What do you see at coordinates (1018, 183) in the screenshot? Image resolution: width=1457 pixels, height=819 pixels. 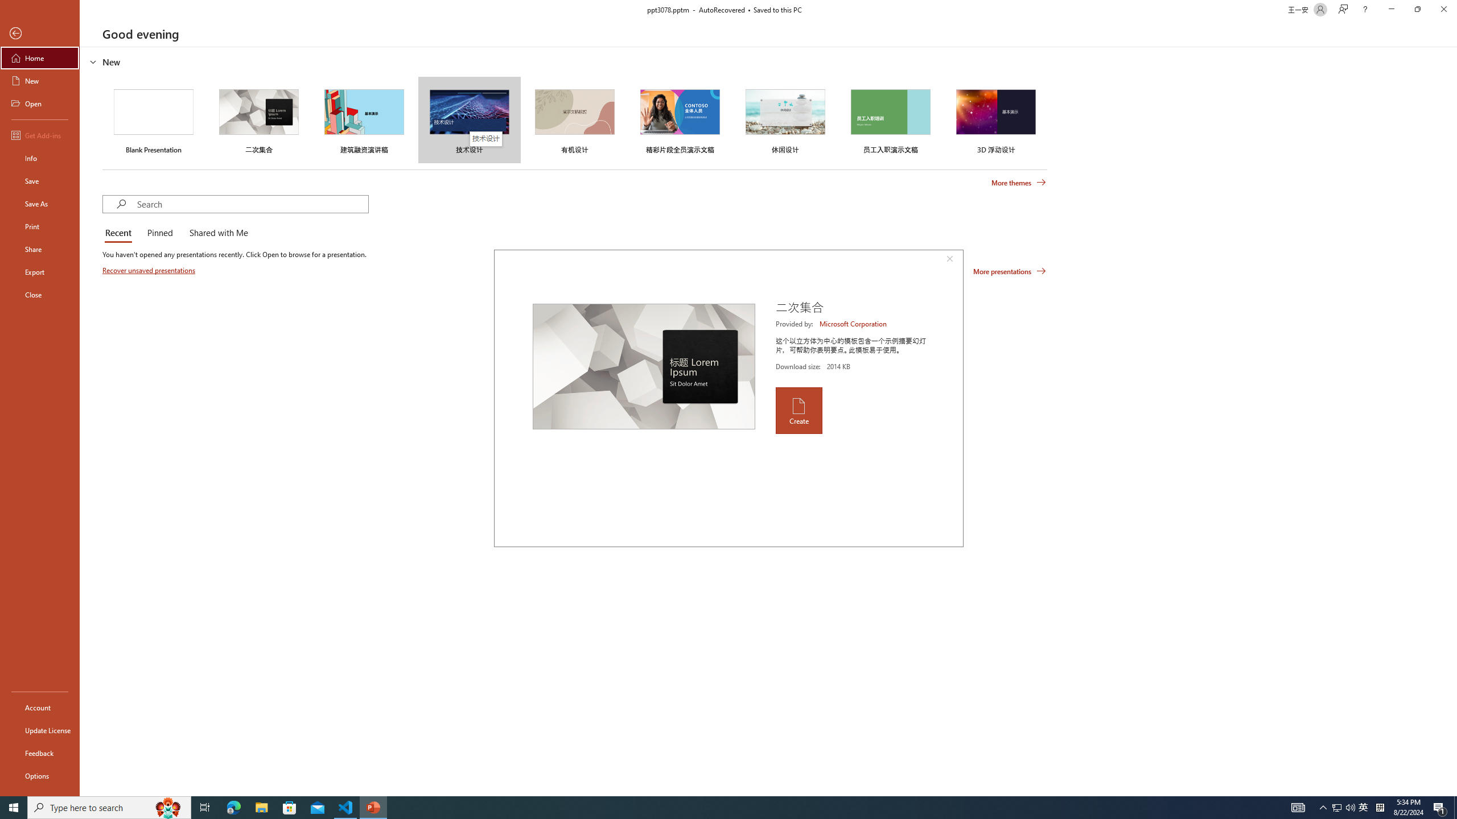 I see `'More themes'` at bounding box center [1018, 183].